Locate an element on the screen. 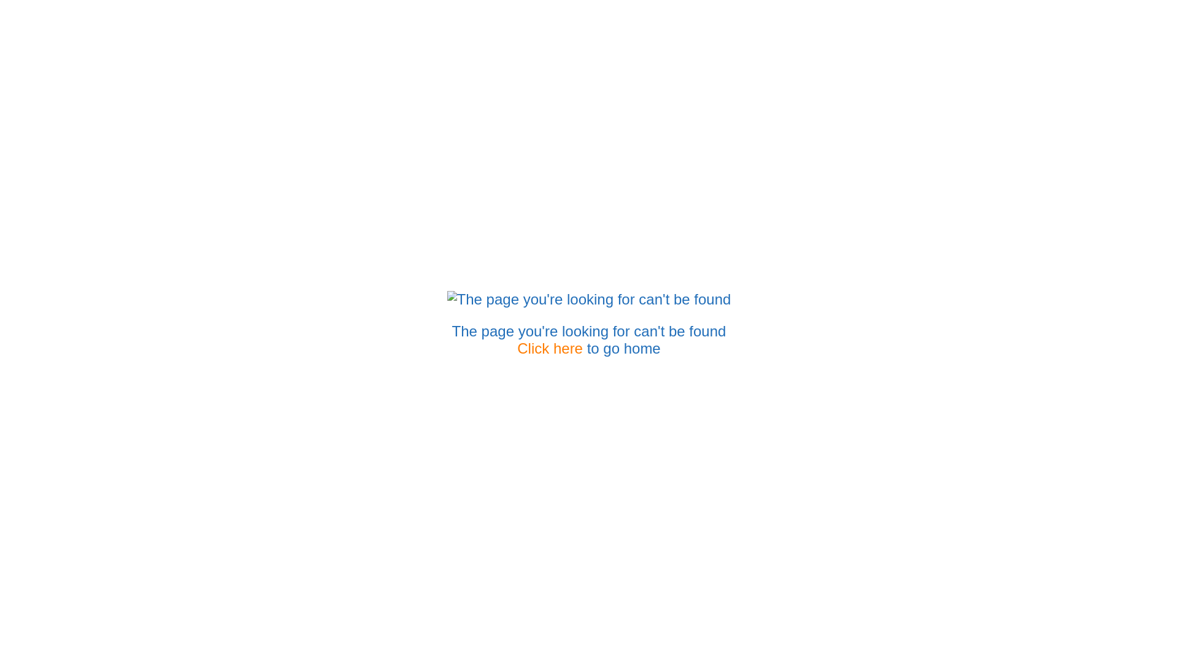 This screenshot has width=1178, height=663. 'Click here' is located at coordinates (549, 348).